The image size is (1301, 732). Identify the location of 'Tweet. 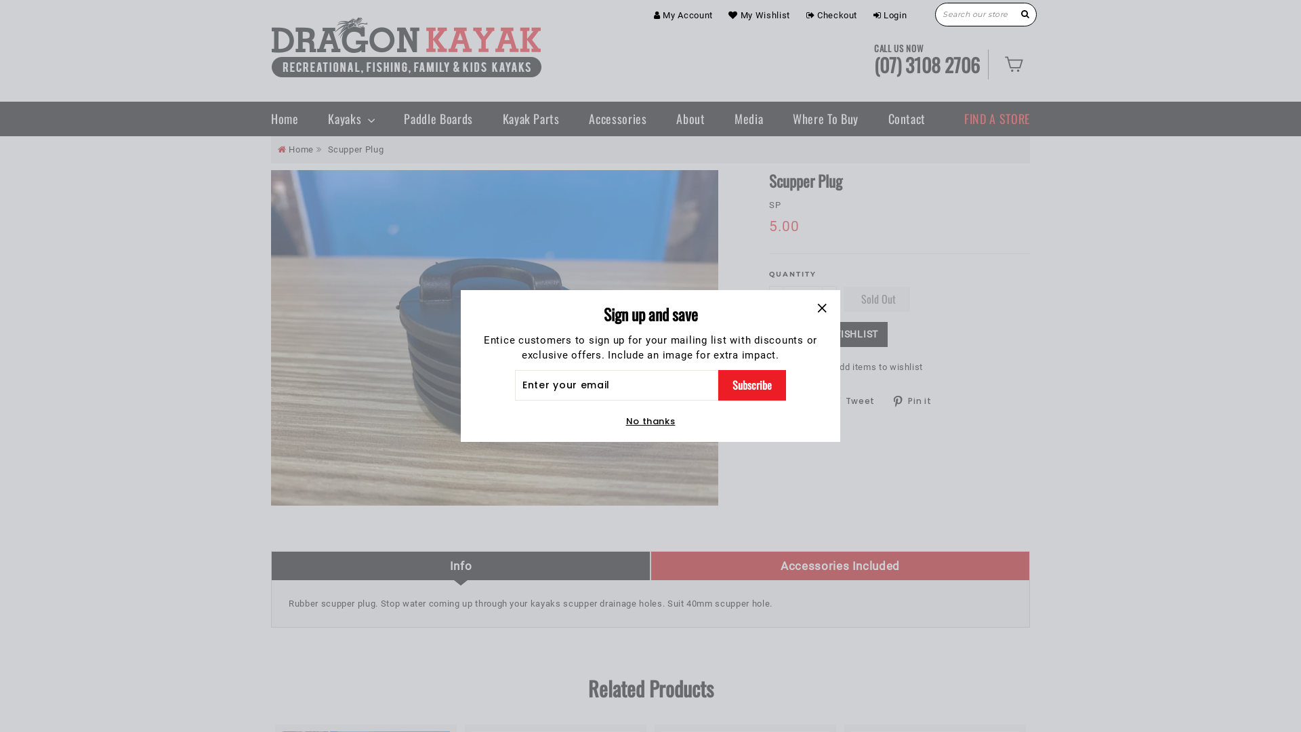
(856, 399).